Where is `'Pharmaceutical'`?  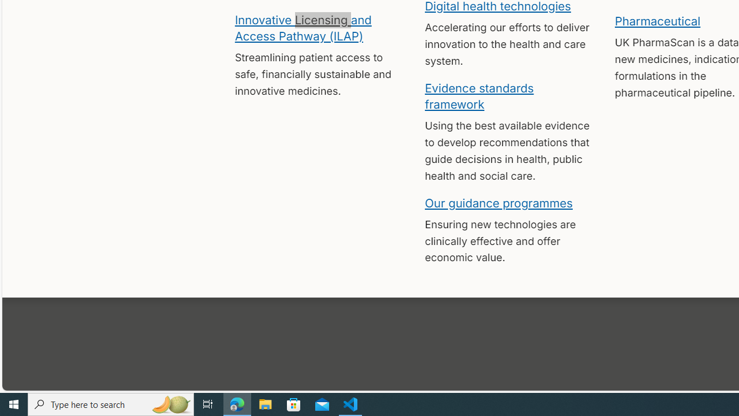 'Pharmaceutical' is located at coordinates (658, 21).